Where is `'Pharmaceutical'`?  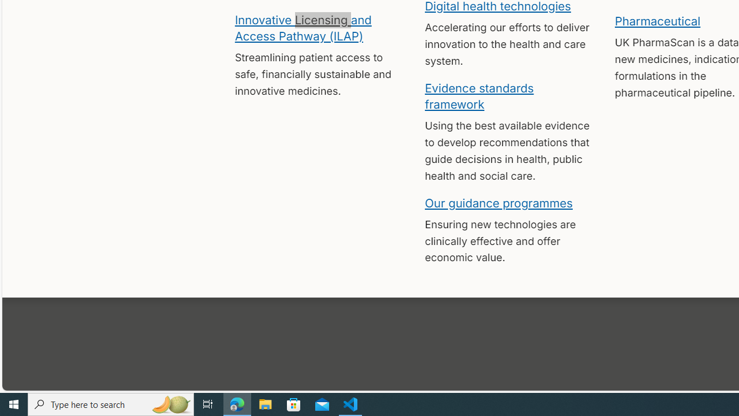 'Pharmaceutical' is located at coordinates (658, 21).